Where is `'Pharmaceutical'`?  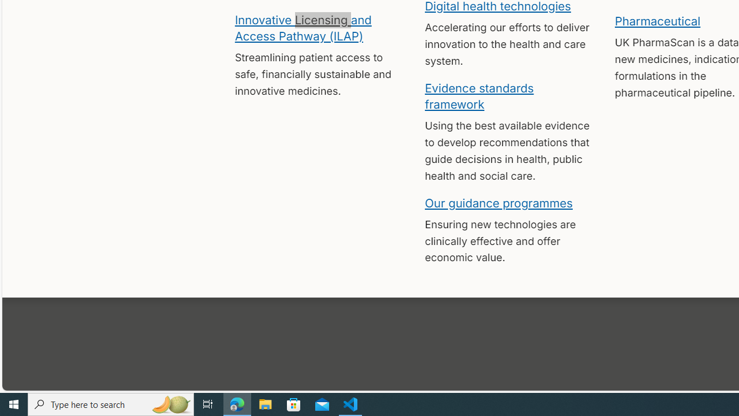 'Pharmaceutical' is located at coordinates (658, 21).